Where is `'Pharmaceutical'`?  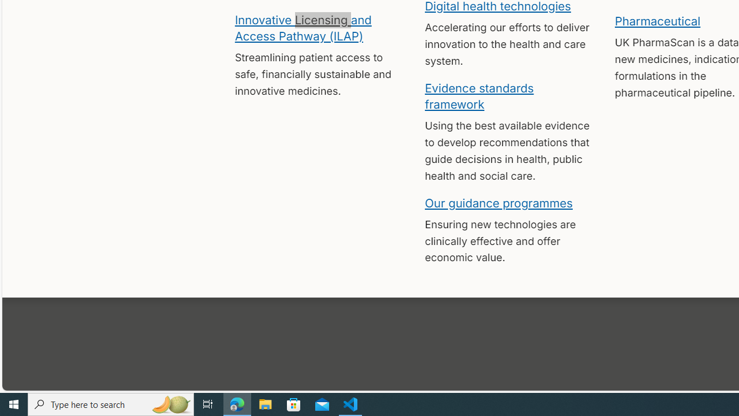 'Pharmaceutical' is located at coordinates (658, 21).